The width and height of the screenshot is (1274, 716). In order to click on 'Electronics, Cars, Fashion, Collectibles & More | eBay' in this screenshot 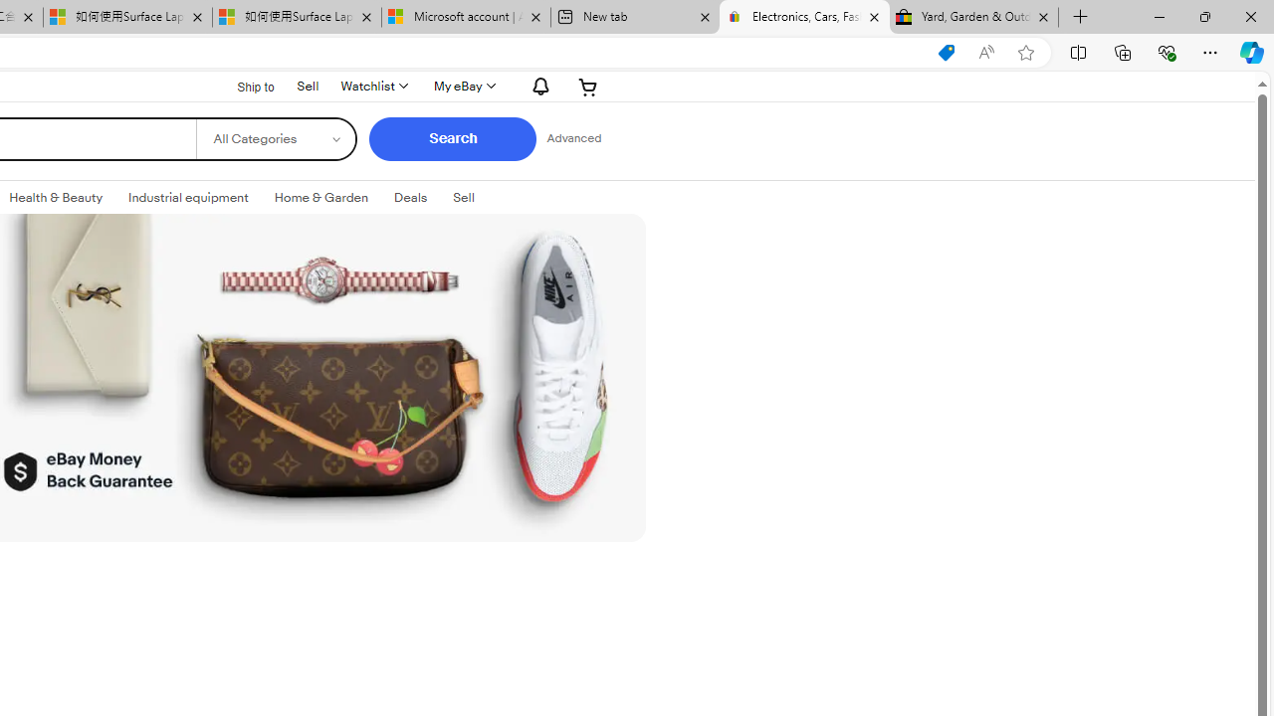, I will do `click(804, 17)`.